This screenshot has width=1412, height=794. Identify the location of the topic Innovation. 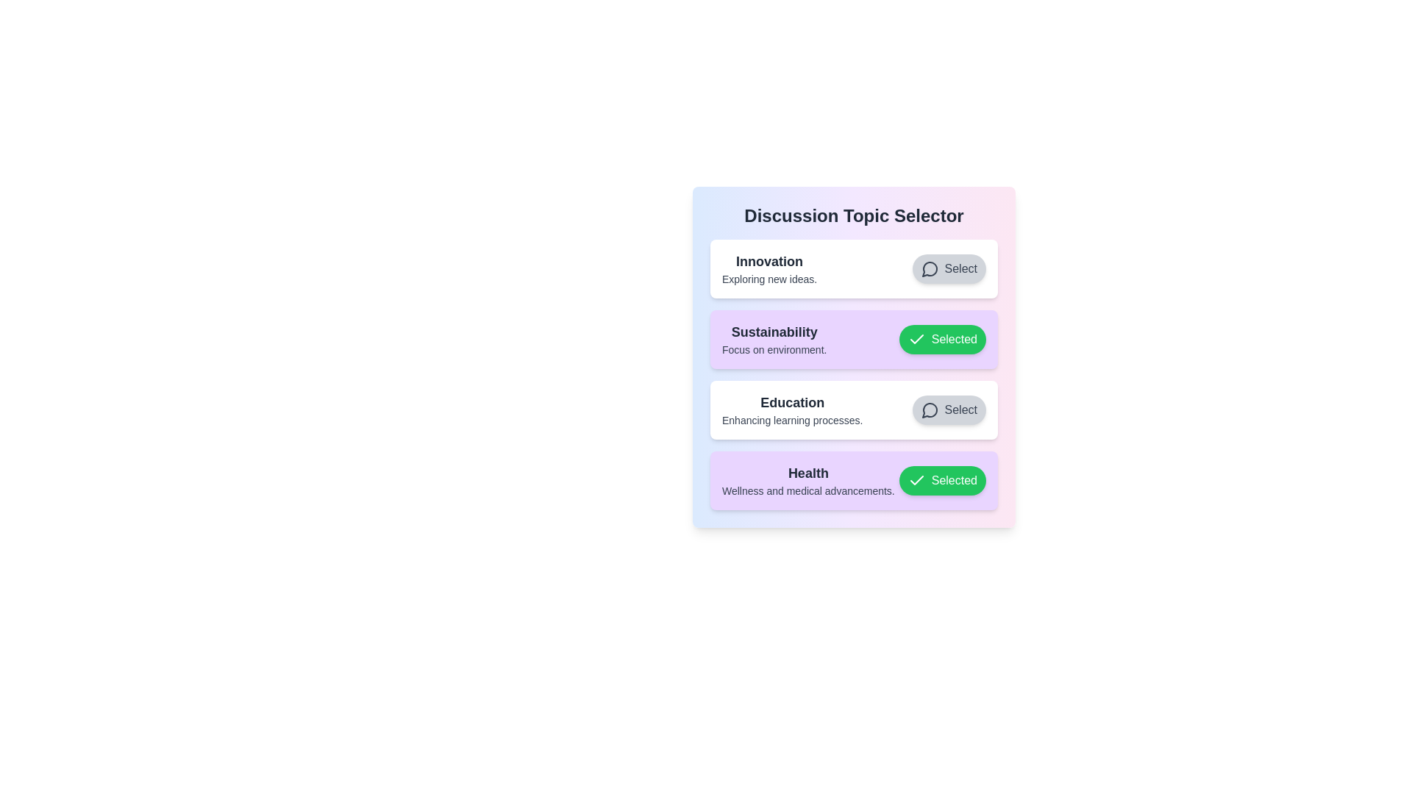
(949, 269).